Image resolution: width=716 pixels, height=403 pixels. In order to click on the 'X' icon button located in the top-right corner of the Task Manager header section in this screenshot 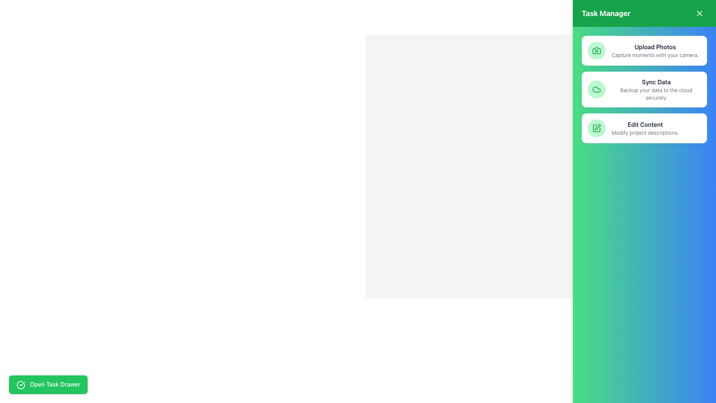, I will do `click(699, 13)`.